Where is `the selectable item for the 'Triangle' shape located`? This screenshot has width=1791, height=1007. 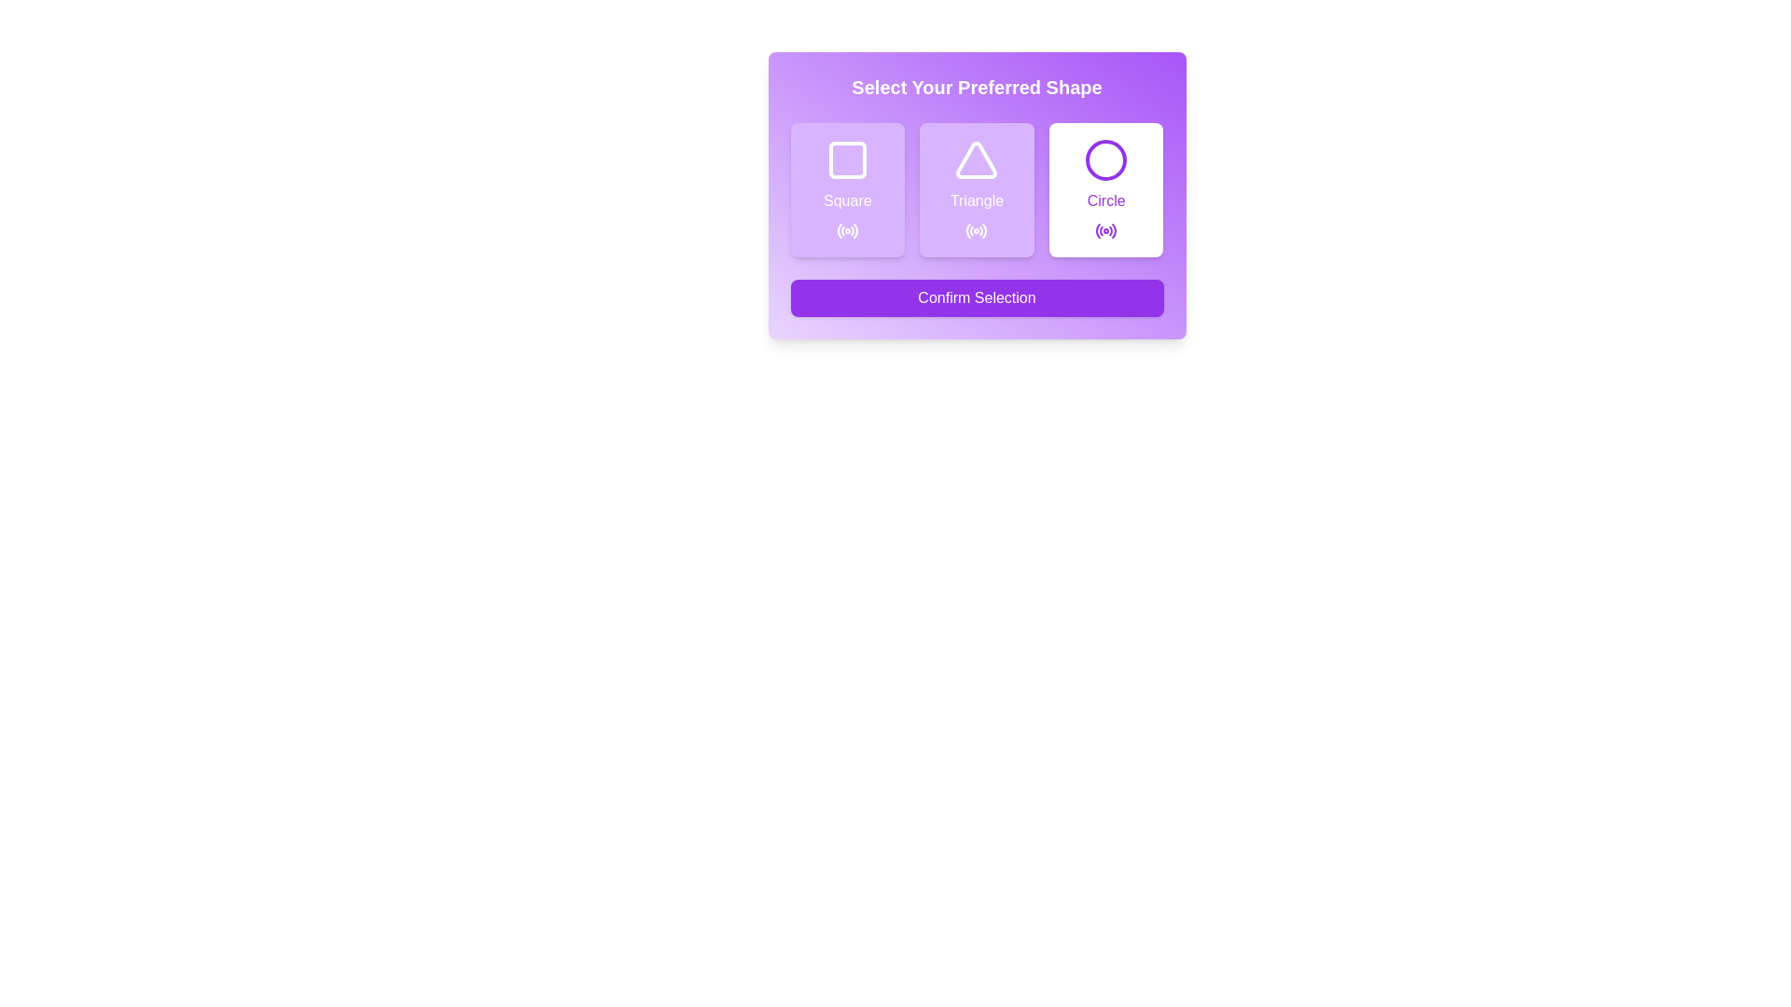 the selectable item for the 'Triangle' shape located is located at coordinates (976, 190).